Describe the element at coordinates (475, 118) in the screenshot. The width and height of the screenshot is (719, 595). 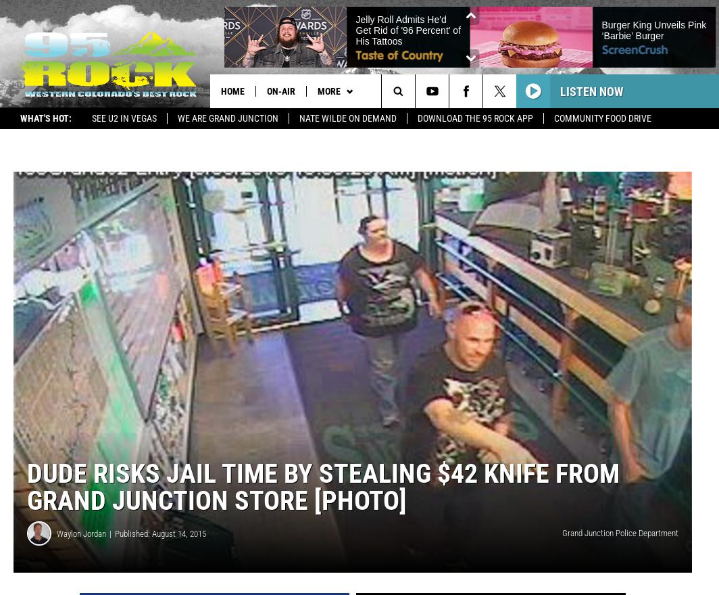
I see `'Download the 95 Rock App'` at that location.